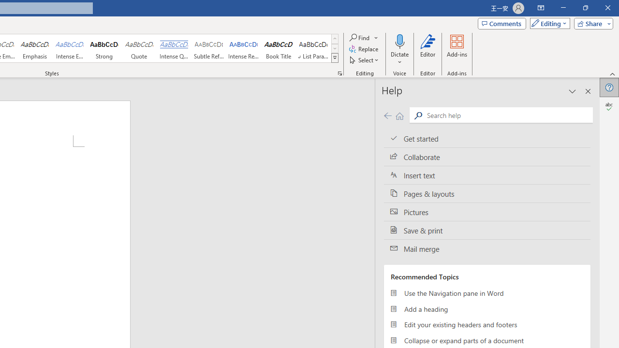 This screenshot has width=619, height=348. Describe the element at coordinates (69, 48) in the screenshot. I see `'Intense Emphasis'` at that location.